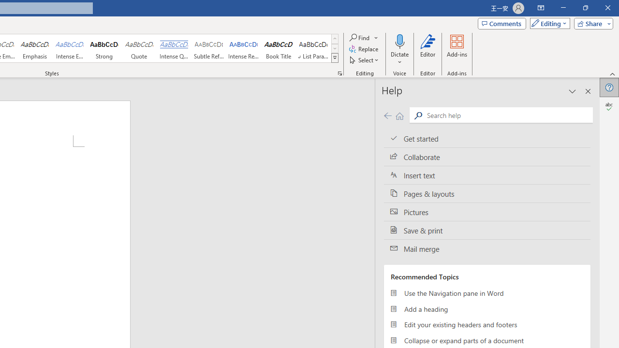 This screenshot has width=619, height=348. Describe the element at coordinates (69, 48) in the screenshot. I see `'Intense Emphasis'` at that location.